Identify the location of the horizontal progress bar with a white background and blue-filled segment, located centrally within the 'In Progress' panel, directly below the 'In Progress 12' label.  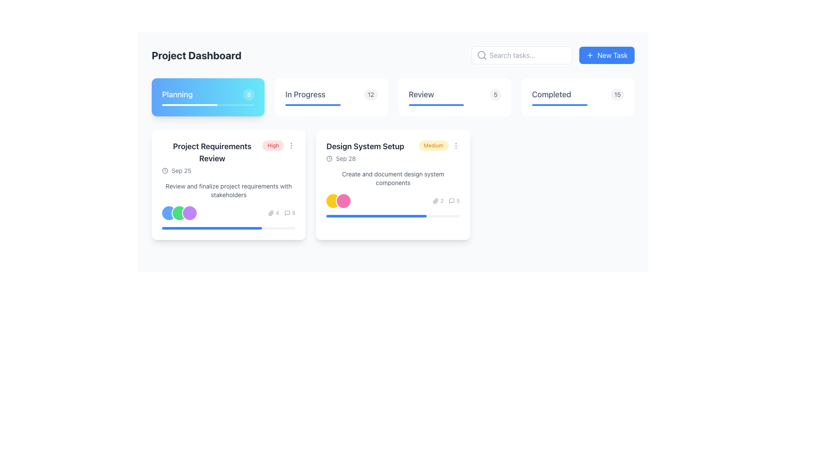
(331, 105).